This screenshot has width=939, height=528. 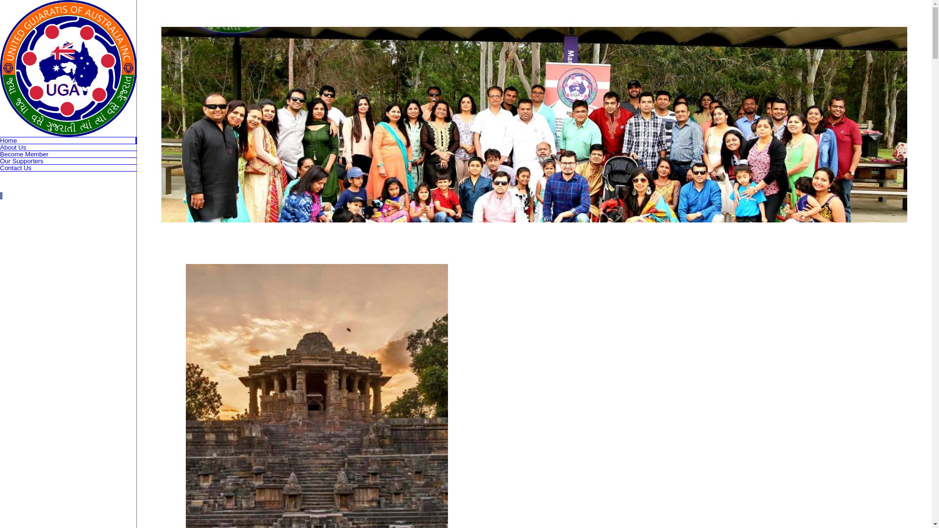 What do you see at coordinates (67, 140) in the screenshot?
I see `'Home'` at bounding box center [67, 140].